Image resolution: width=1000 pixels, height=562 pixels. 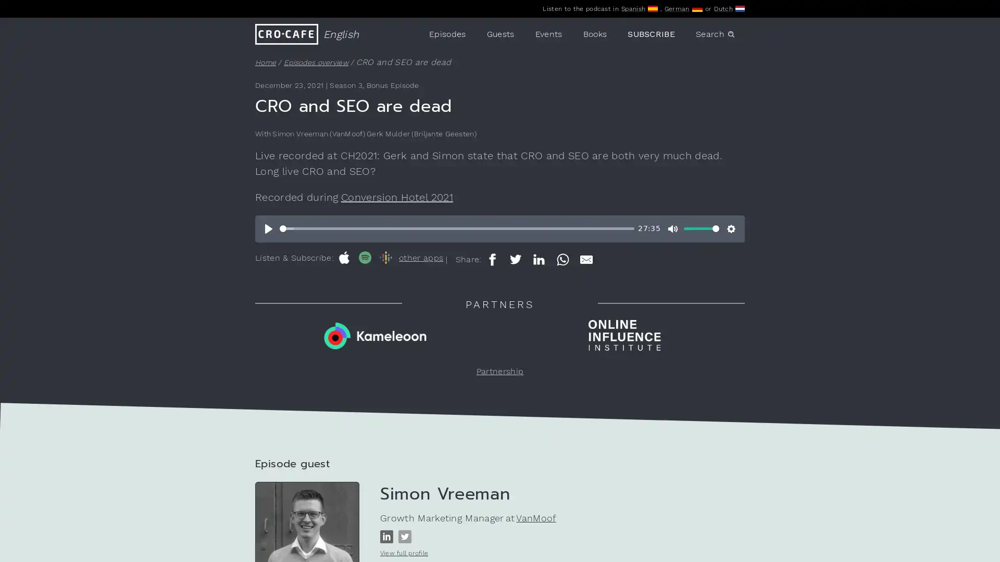 What do you see at coordinates (269, 228) in the screenshot?
I see `Play` at bounding box center [269, 228].